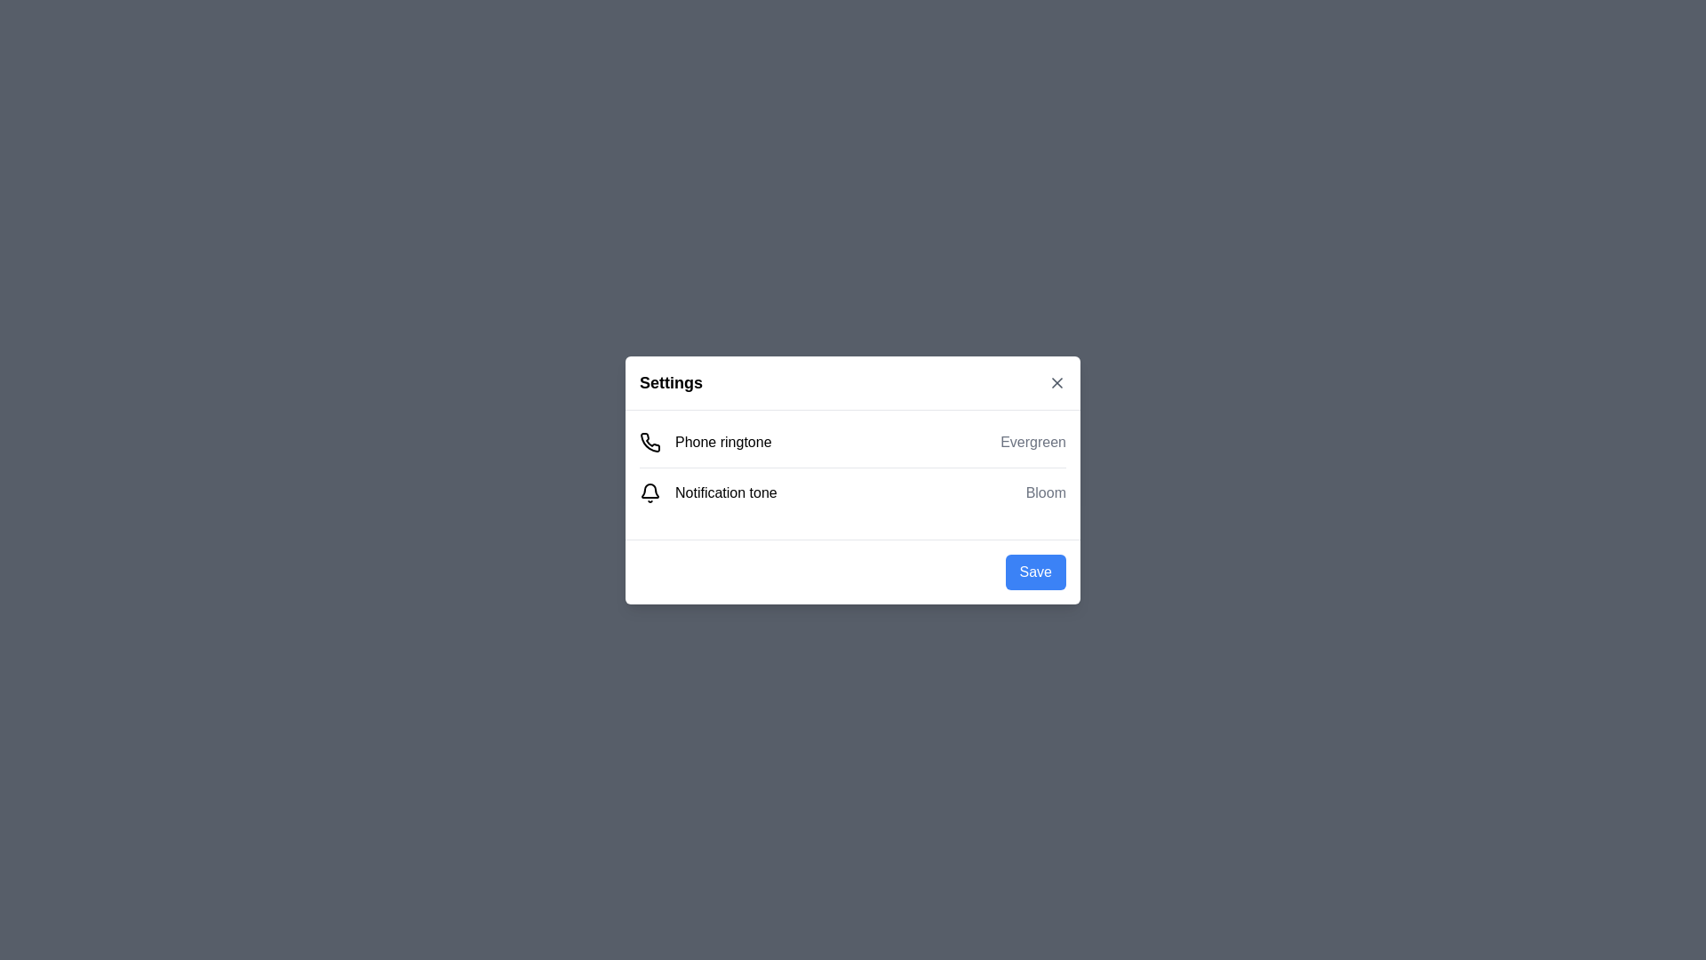 This screenshot has height=960, width=1706. What do you see at coordinates (853, 466) in the screenshot?
I see `the 'Notification tone' item in the list of selectable items for phone ringtones and notification tones, located in the middle area of the 'Settings' modal` at bounding box center [853, 466].